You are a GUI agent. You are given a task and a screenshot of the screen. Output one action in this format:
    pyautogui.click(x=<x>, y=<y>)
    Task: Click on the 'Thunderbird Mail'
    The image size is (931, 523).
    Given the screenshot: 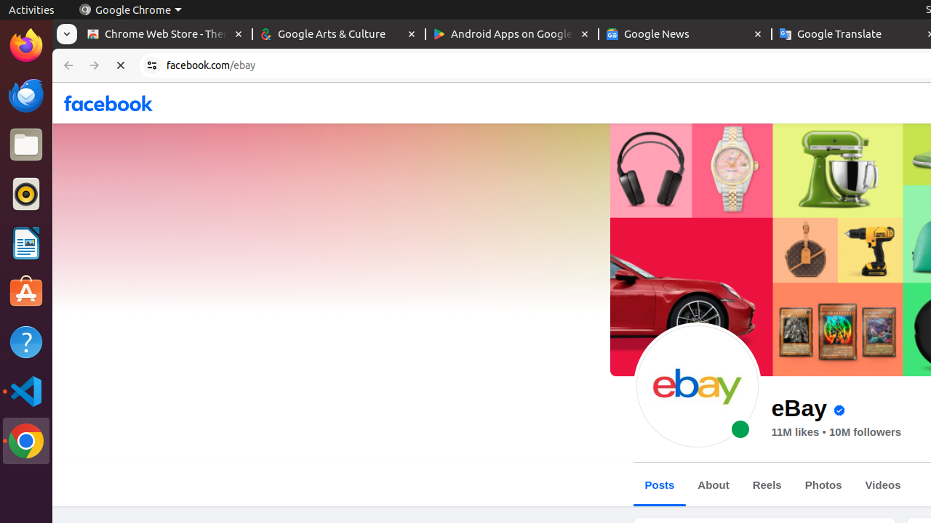 What is the action you would take?
    pyautogui.click(x=25, y=94)
    